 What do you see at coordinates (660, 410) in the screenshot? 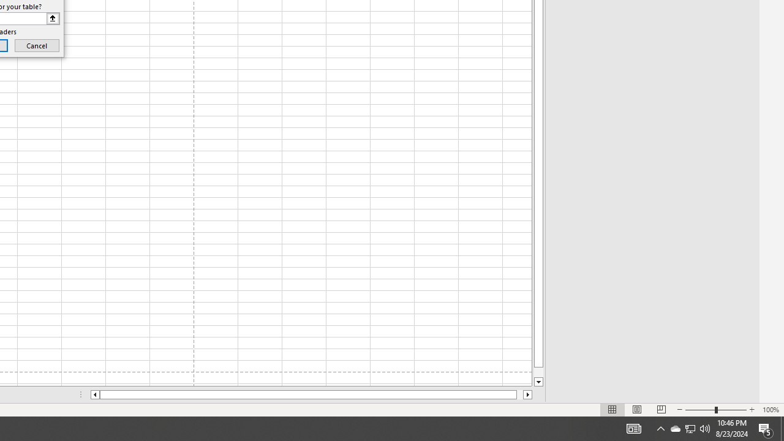
I see `'Page Break Preview'` at bounding box center [660, 410].